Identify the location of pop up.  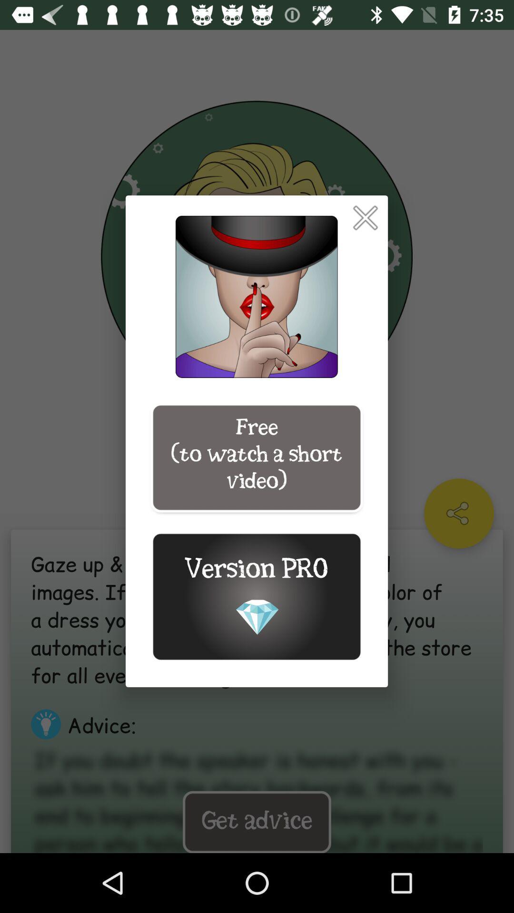
(365, 217).